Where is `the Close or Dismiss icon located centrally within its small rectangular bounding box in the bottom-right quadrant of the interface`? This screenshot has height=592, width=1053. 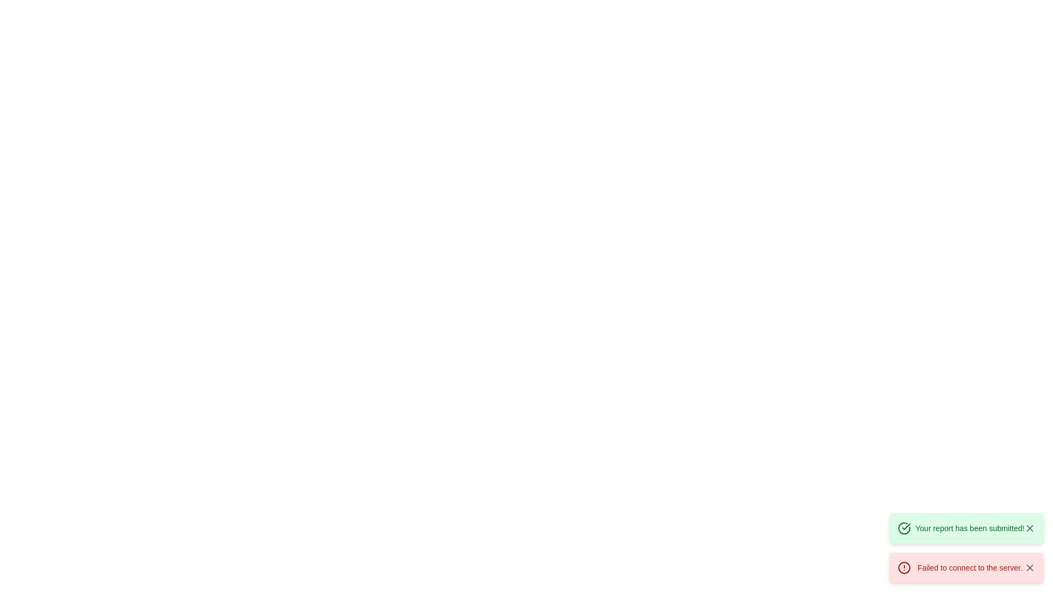
the Close or Dismiss icon located centrally within its small rectangular bounding box in the bottom-right quadrant of the interface is located at coordinates (1029, 528).